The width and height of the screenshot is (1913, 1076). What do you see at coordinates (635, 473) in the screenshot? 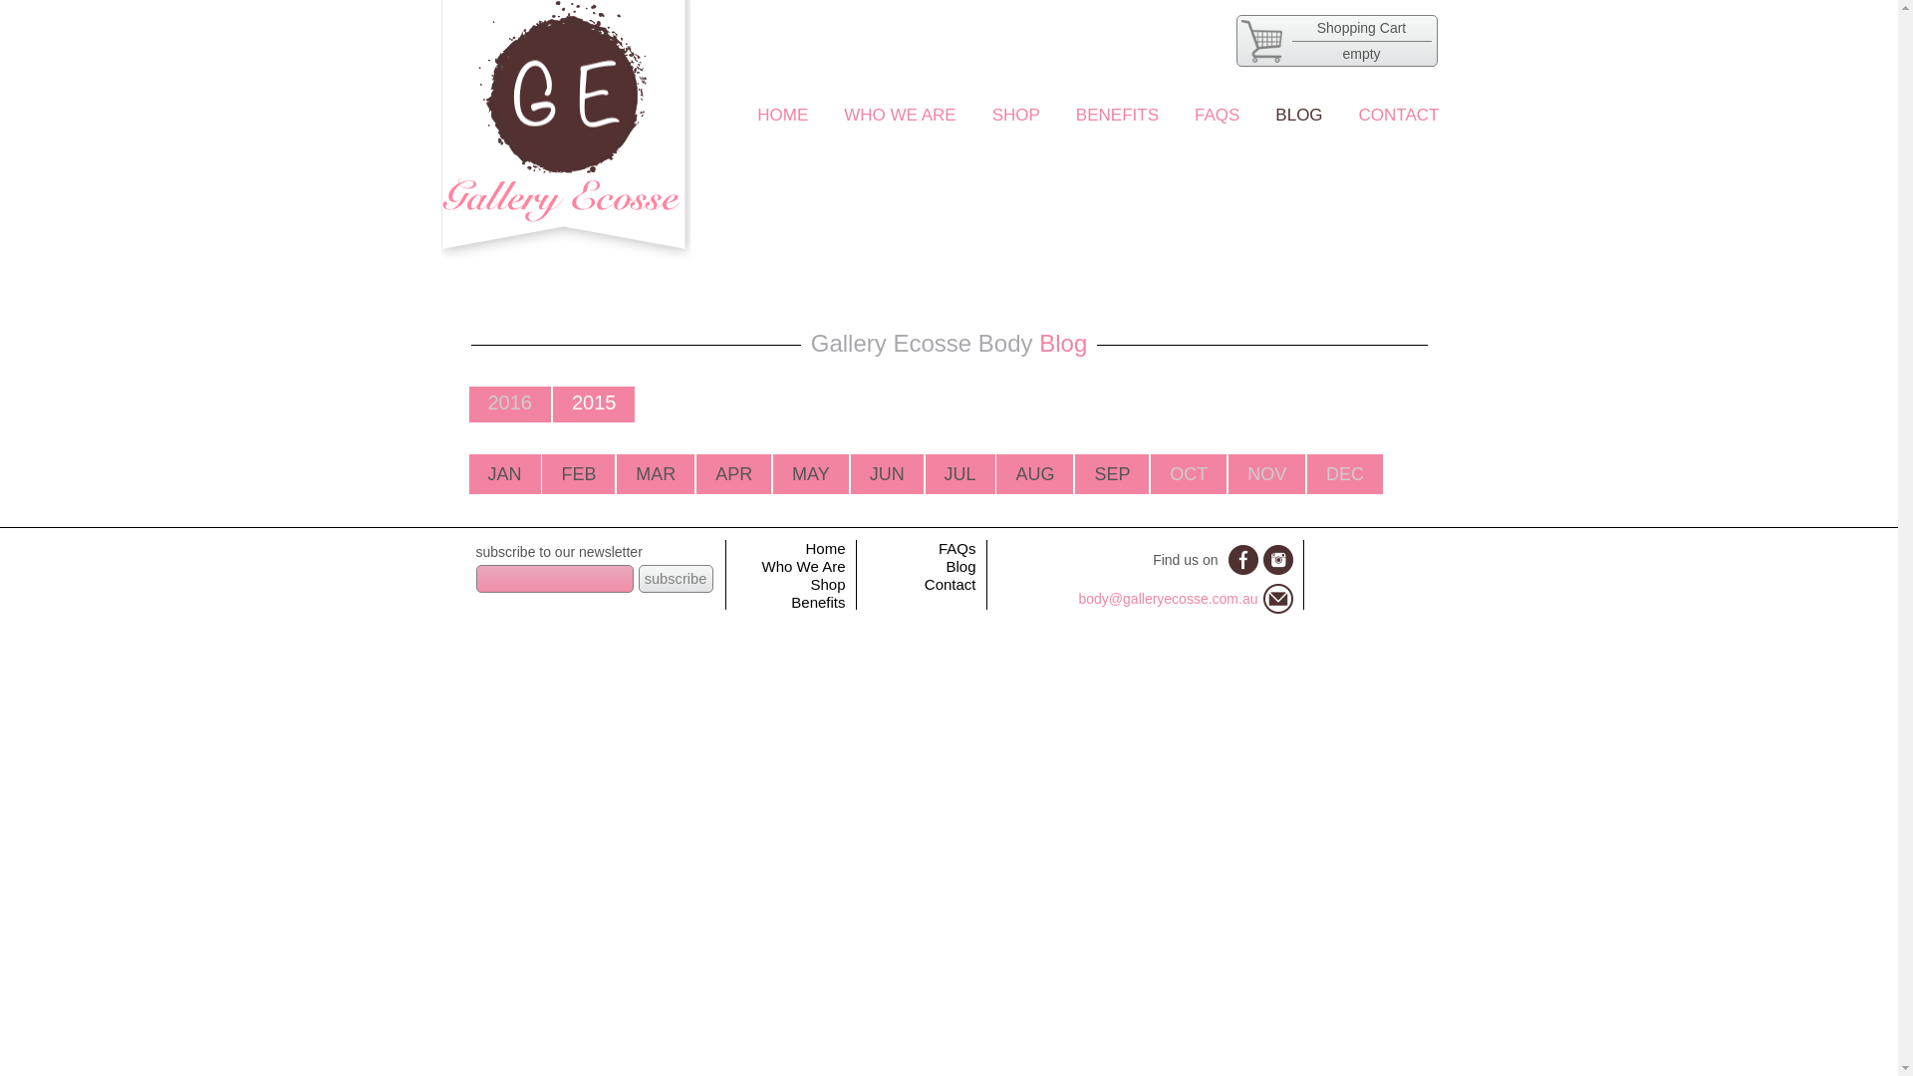
I see `'MAR'` at bounding box center [635, 473].